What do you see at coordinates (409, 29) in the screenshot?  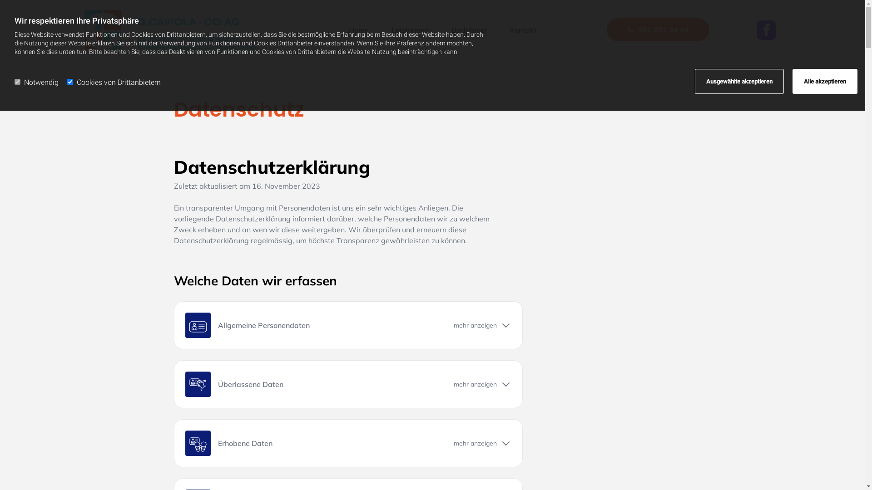 I see `'Leistungen'` at bounding box center [409, 29].